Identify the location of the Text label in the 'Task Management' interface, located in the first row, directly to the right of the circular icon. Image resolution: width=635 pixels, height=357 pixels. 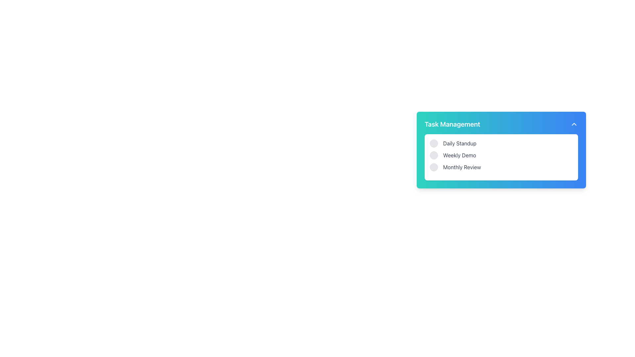
(459, 143).